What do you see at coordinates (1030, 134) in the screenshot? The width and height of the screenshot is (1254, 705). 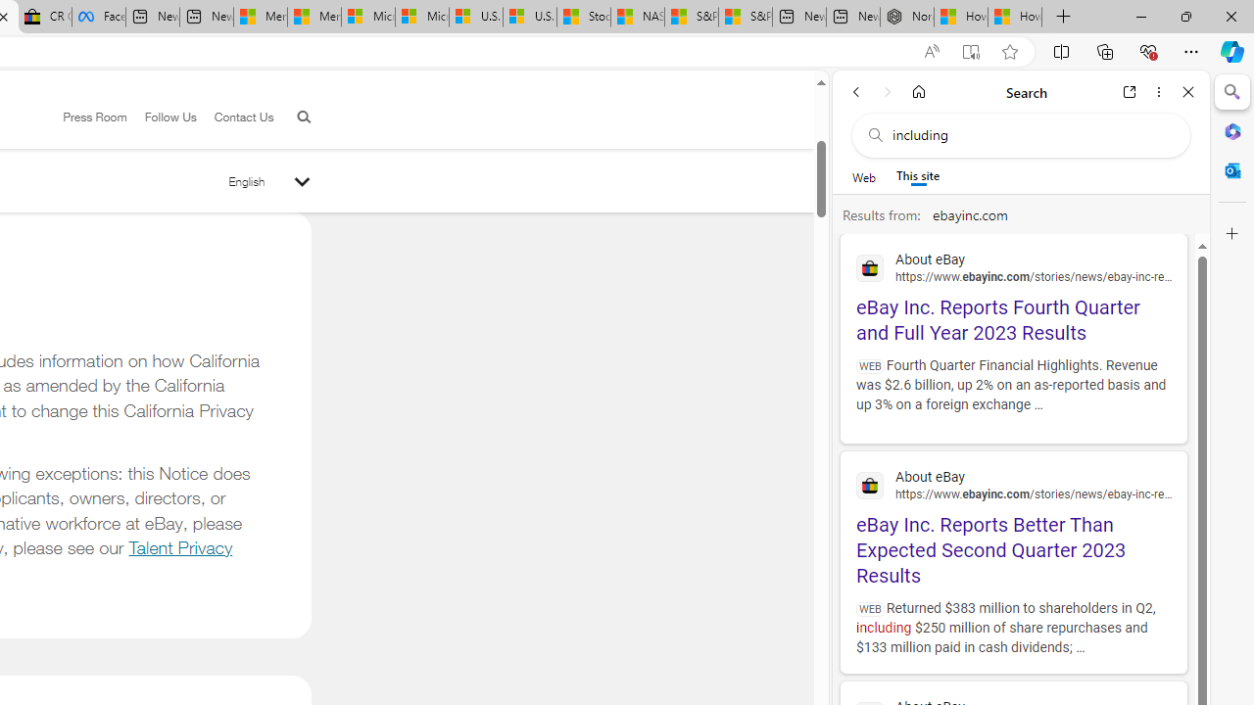 I see `'Search the web'` at bounding box center [1030, 134].